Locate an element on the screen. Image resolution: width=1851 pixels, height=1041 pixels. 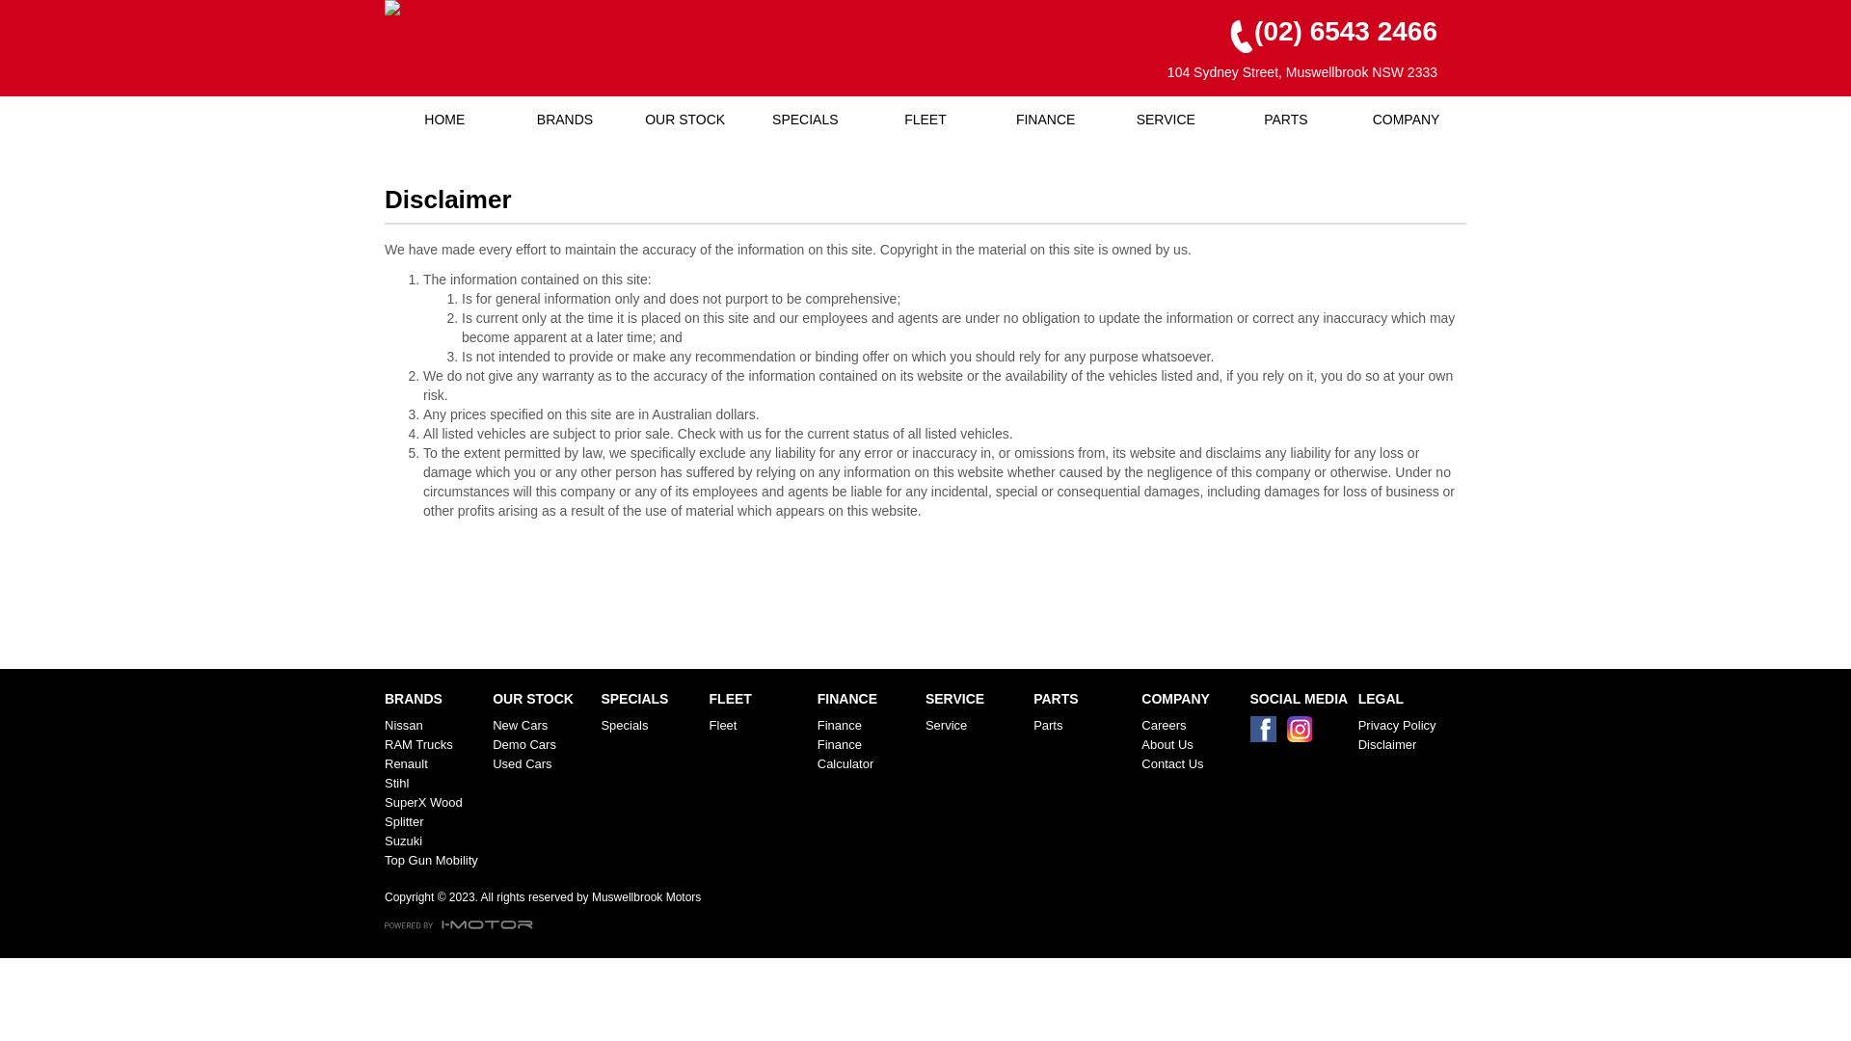
'Nissan' is located at coordinates (434, 725).